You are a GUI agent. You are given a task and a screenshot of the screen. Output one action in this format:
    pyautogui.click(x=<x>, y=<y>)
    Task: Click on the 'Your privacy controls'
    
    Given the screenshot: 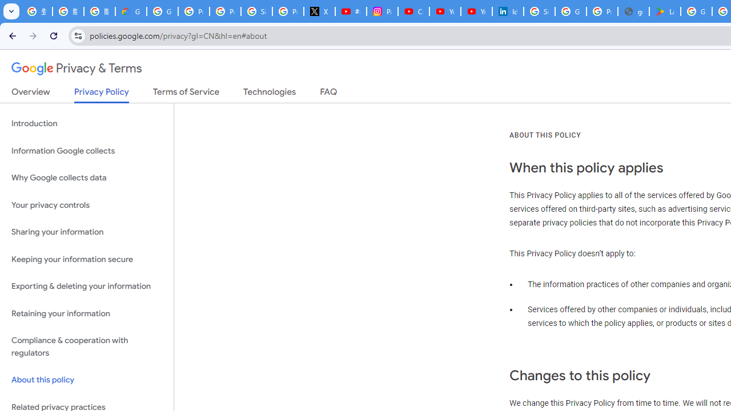 What is the action you would take?
    pyautogui.click(x=86, y=204)
    